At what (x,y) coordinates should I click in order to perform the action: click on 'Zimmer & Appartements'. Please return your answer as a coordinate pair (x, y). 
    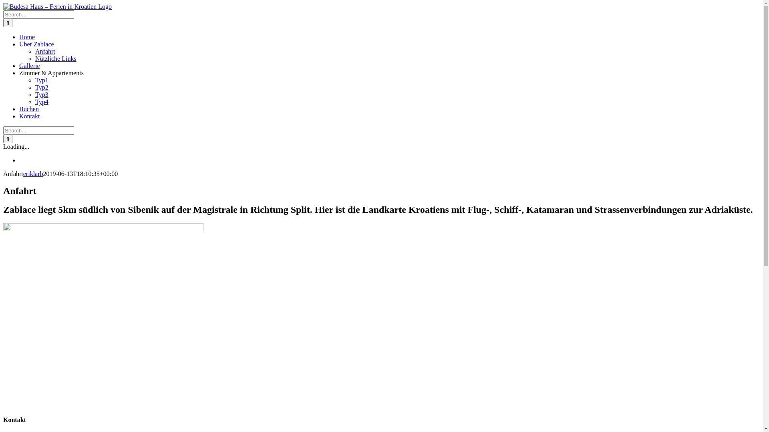
    Looking at the image, I should click on (51, 73).